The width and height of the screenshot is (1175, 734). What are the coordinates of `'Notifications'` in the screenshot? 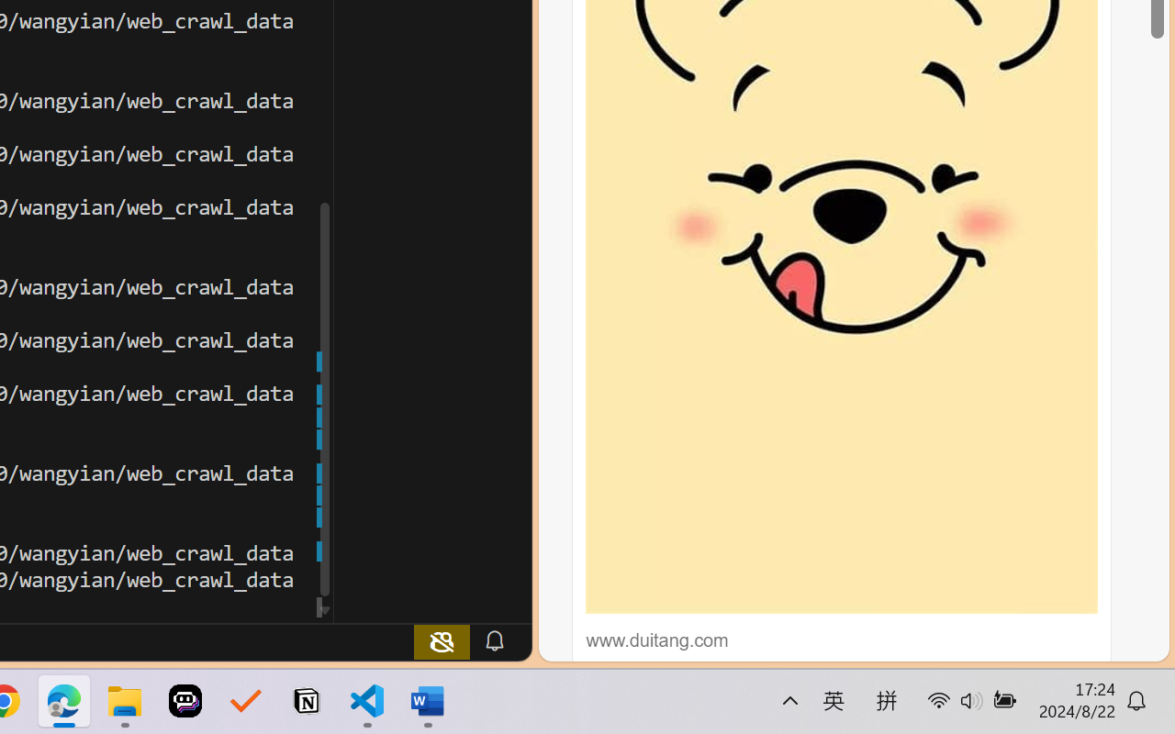 It's located at (494, 640).